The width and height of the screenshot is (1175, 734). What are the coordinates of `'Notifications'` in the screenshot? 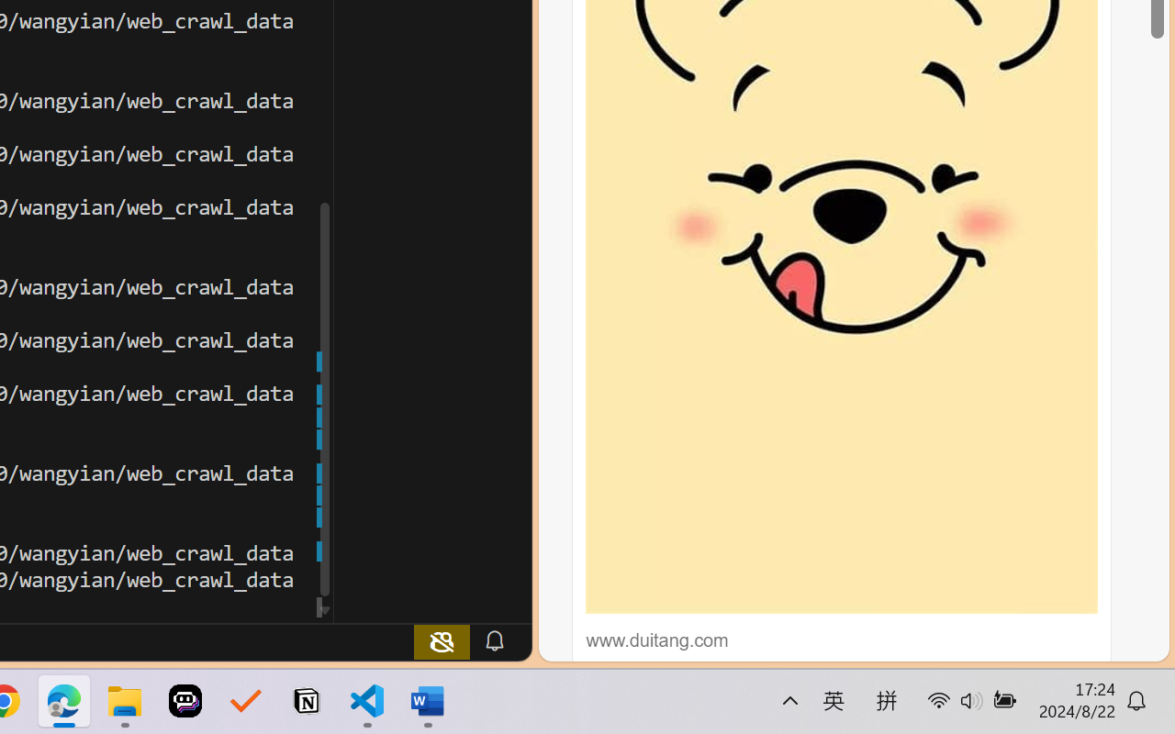 It's located at (494, 640).